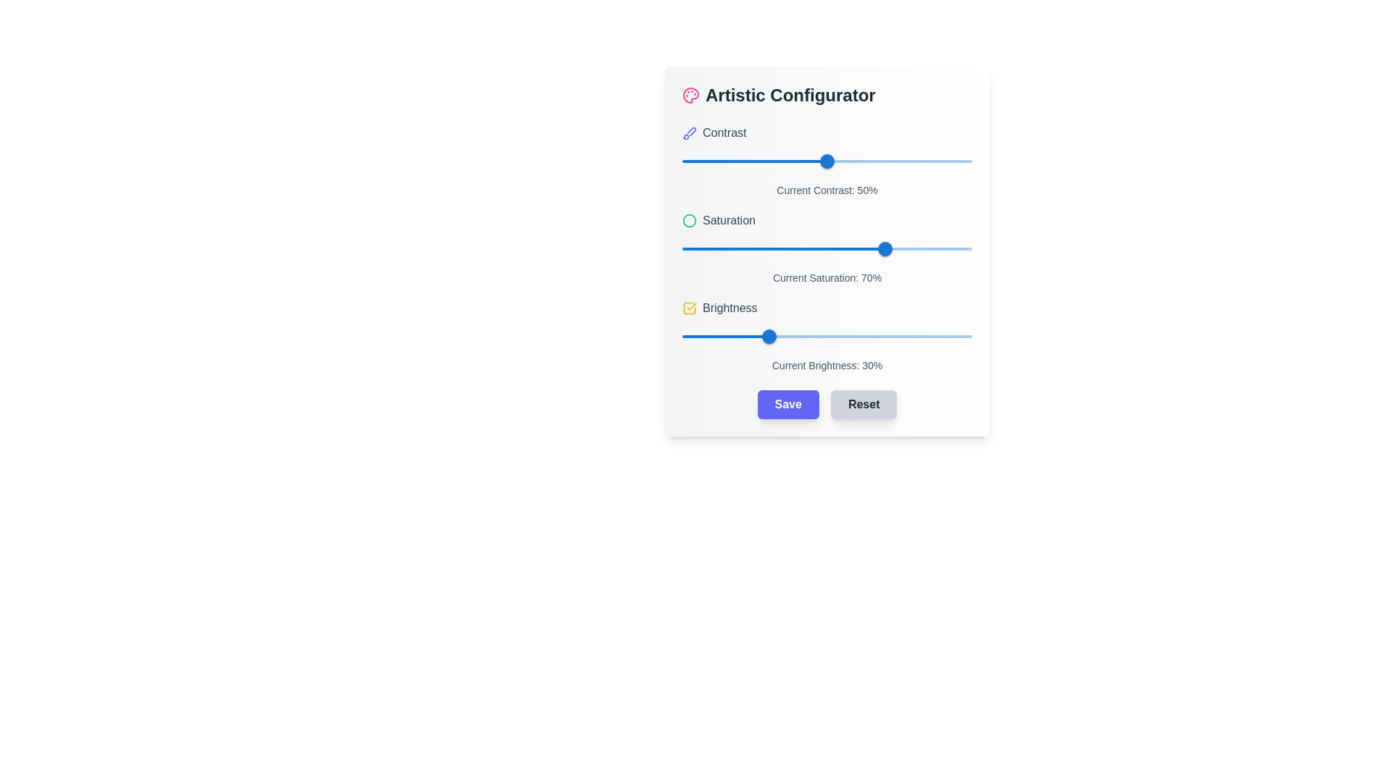  I want to click on saturation, so click(848, 248).